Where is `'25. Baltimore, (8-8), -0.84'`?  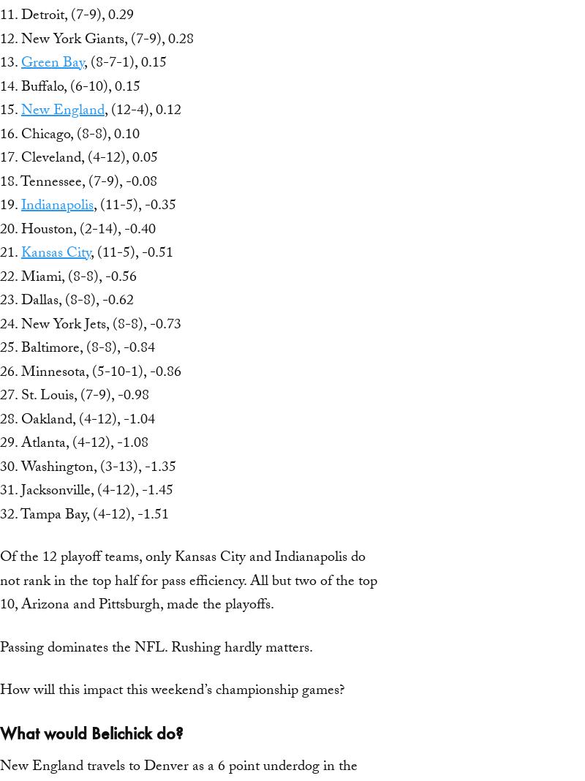 '25. Baltimore, (8-8), -0.84' is located at coordinates (77, 350).